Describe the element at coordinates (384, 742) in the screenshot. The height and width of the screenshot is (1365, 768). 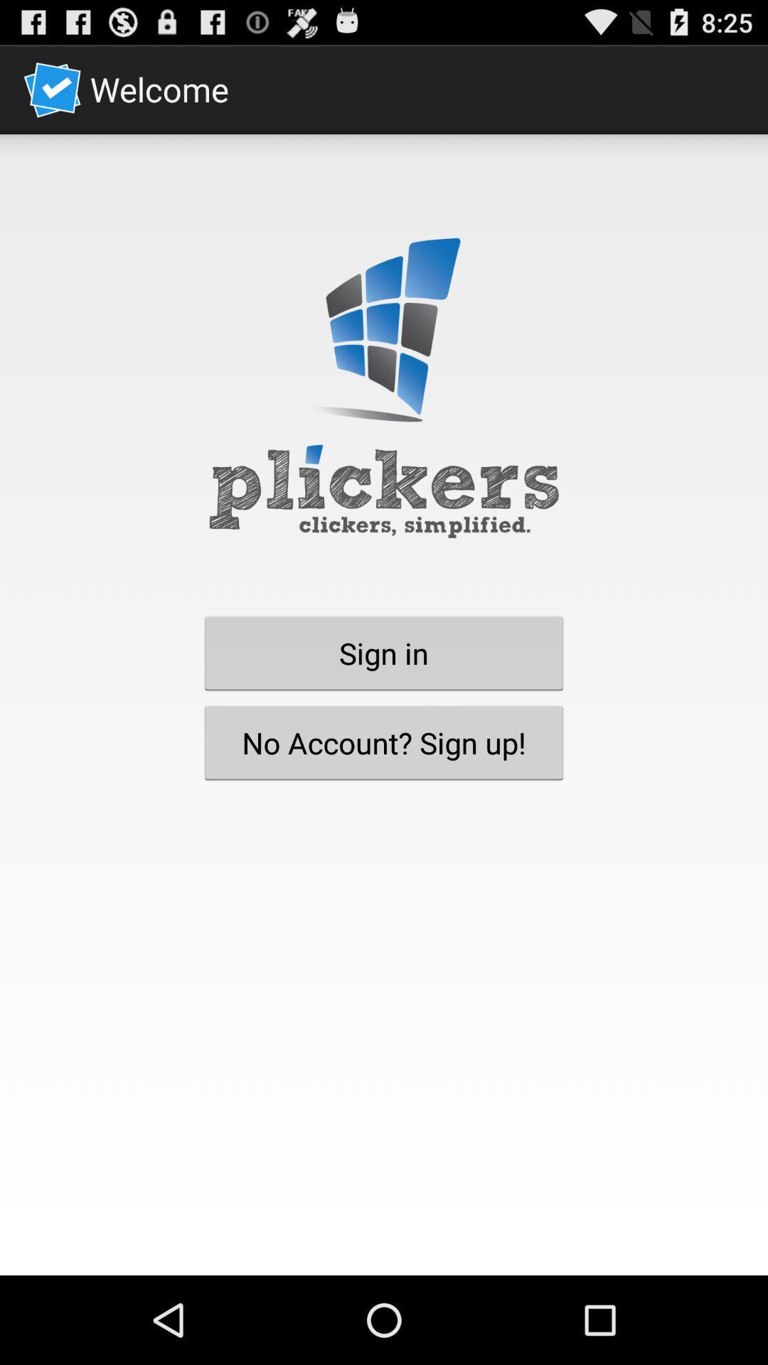
I see `no account sign icon` at that location.